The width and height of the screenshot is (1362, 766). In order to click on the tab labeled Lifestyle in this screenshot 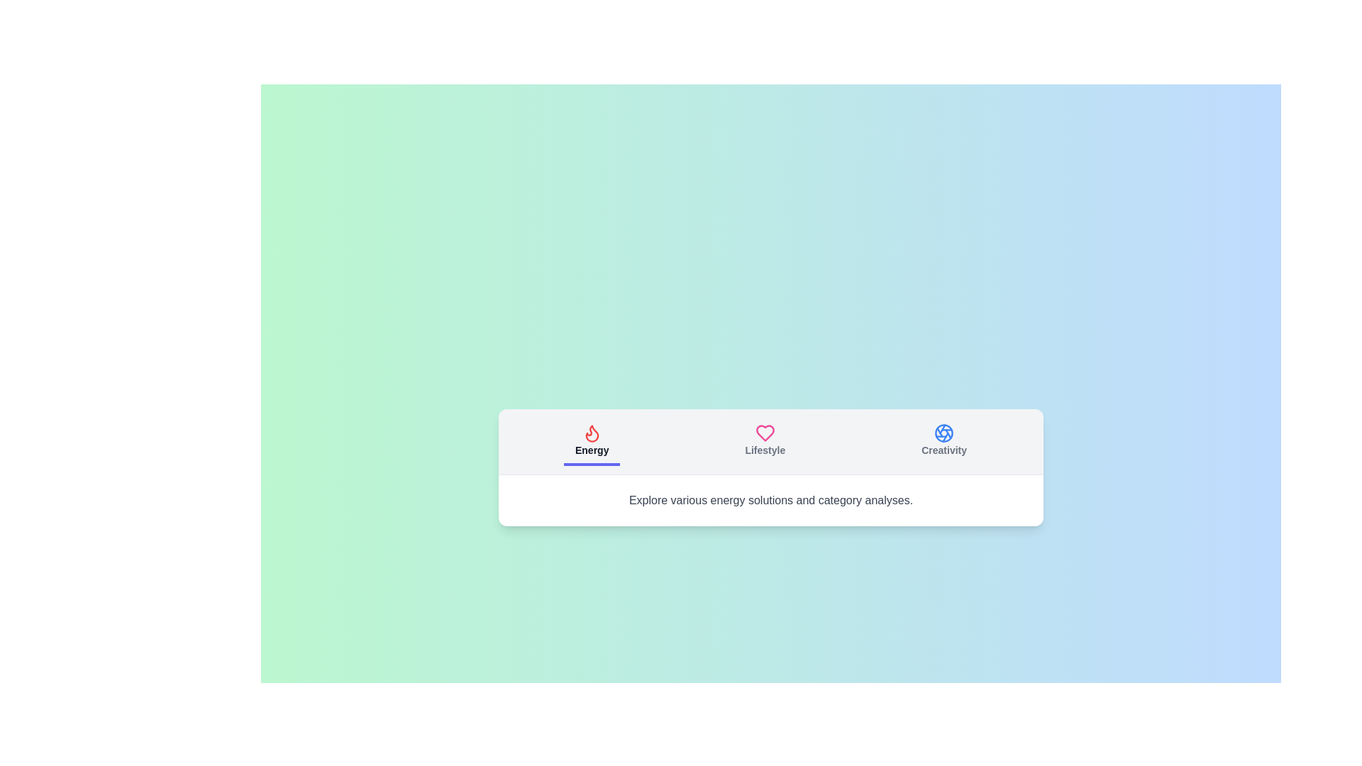, I will do `click(764, 440)`.